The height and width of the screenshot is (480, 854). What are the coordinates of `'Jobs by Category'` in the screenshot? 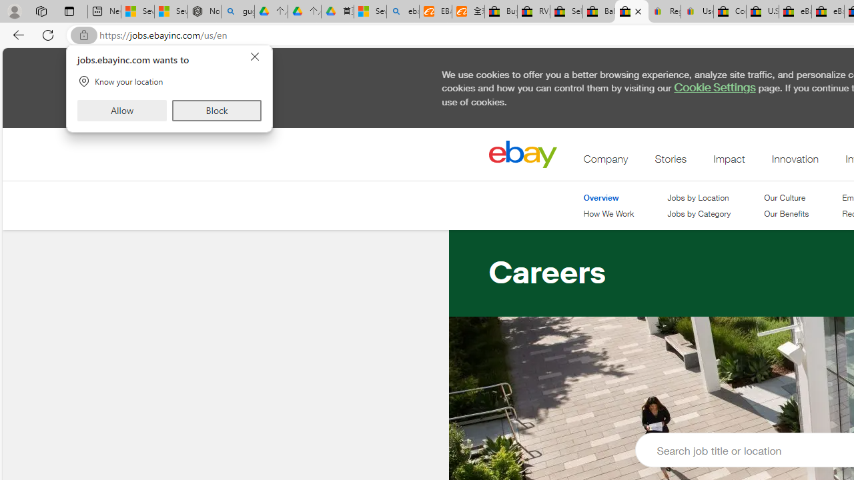 It's located at (698, 213).